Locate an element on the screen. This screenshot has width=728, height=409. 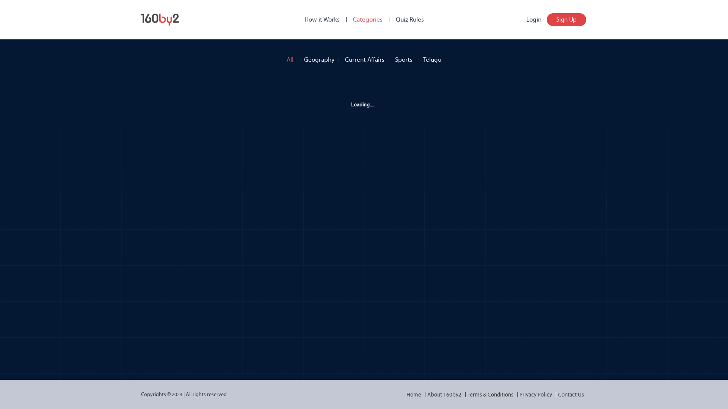
'Sign Up' is located at coordinates (566, 19).